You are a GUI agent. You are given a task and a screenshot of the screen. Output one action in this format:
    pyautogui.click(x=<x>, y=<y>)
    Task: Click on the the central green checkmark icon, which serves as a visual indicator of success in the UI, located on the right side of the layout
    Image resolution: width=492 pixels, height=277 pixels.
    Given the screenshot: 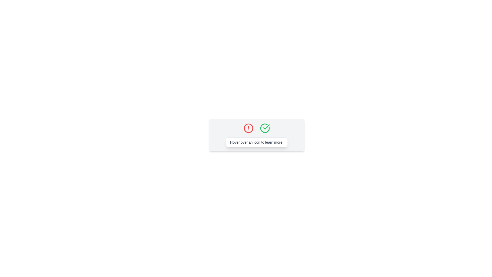 What is the action you would take?
    pyautogui.click(x=266, y=127)
    